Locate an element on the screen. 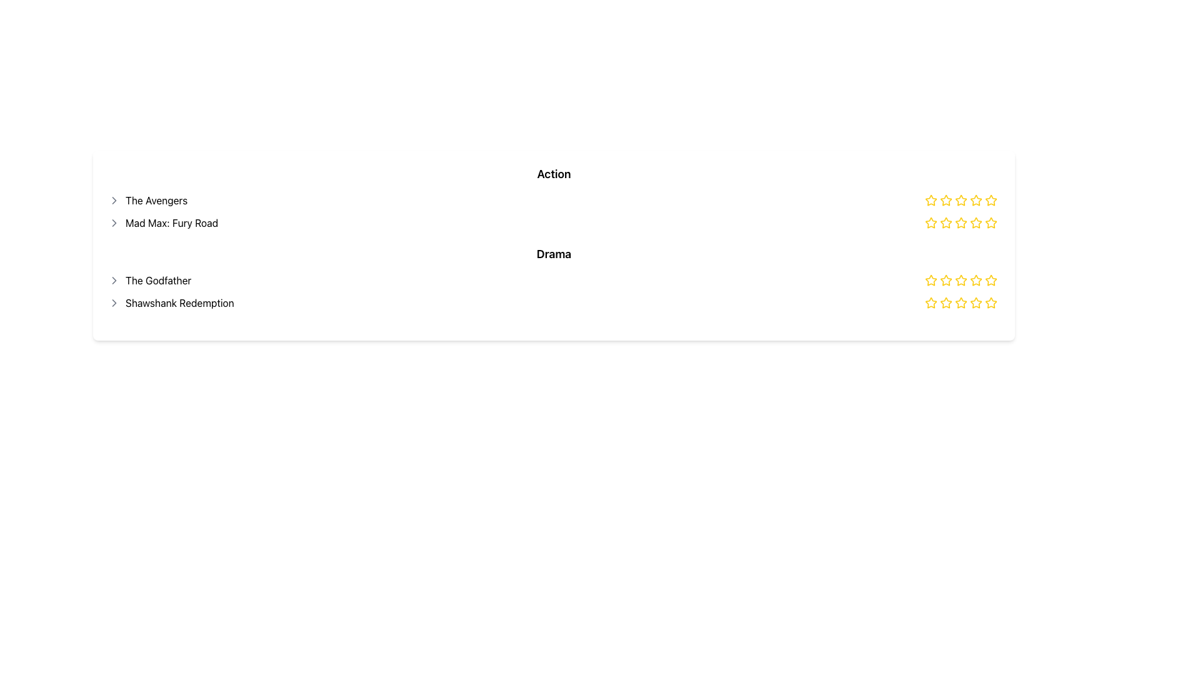 Image resolution: width=1200 pixels, height=675 pixels. the sixth Rating Star Icon with a yellow outline is located at coordinates (975, 222).